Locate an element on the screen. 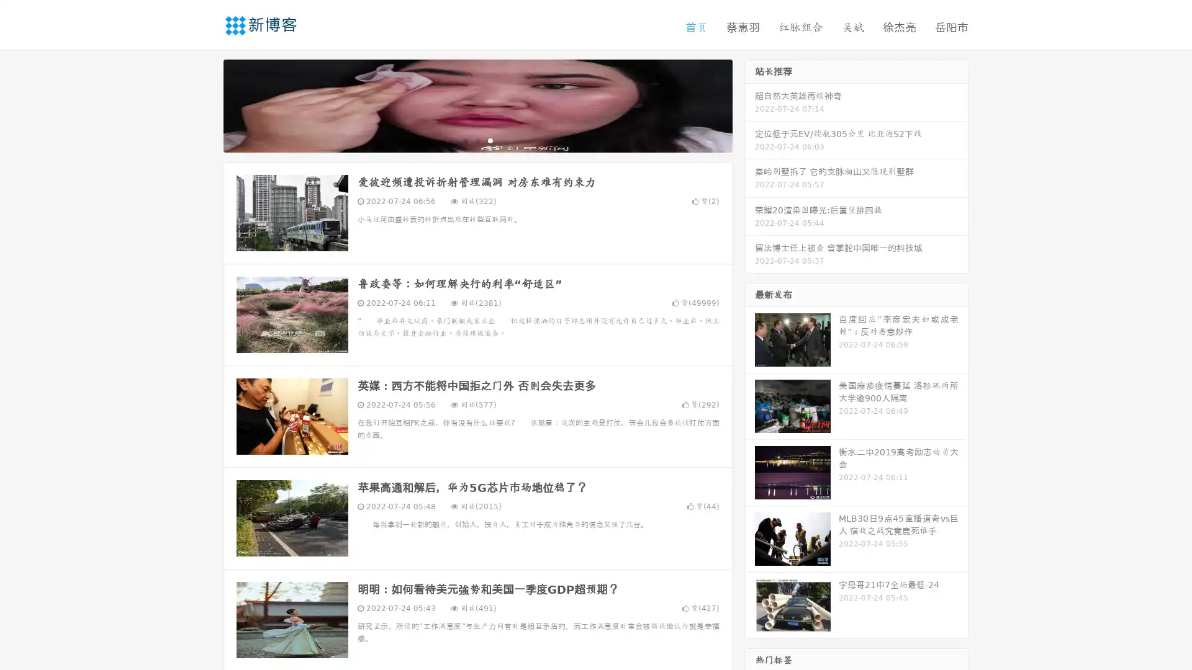 The height and width of the screenshot is (670, 1192). Next slide is located at coordinates (750, 104).